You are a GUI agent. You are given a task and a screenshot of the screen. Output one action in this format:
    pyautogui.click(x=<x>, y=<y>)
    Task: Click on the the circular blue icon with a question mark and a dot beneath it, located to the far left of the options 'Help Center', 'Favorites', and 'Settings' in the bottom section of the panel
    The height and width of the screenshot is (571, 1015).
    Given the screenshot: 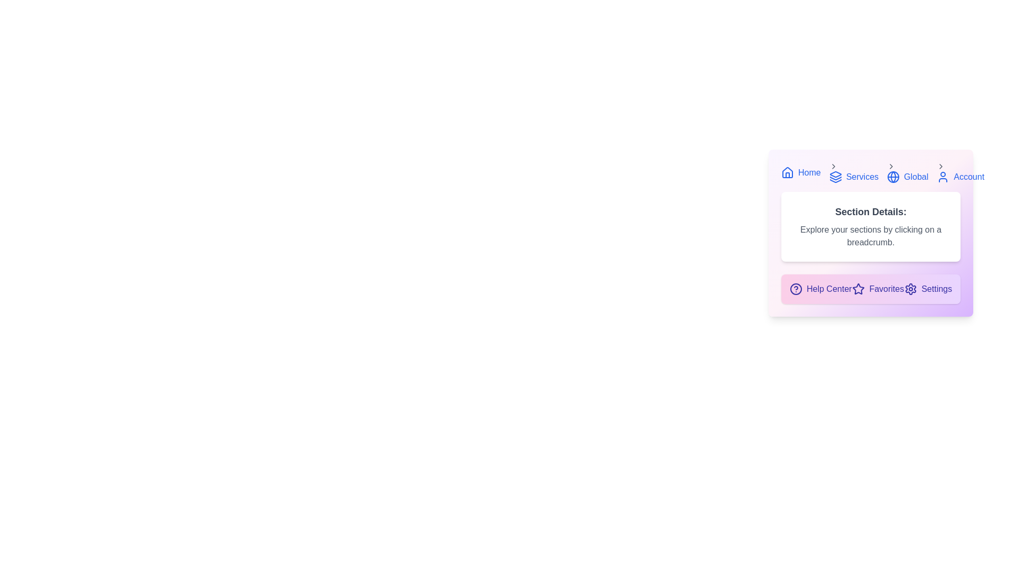 What is the action you would take?
    pyautogui.click(x=796, y=289)
    